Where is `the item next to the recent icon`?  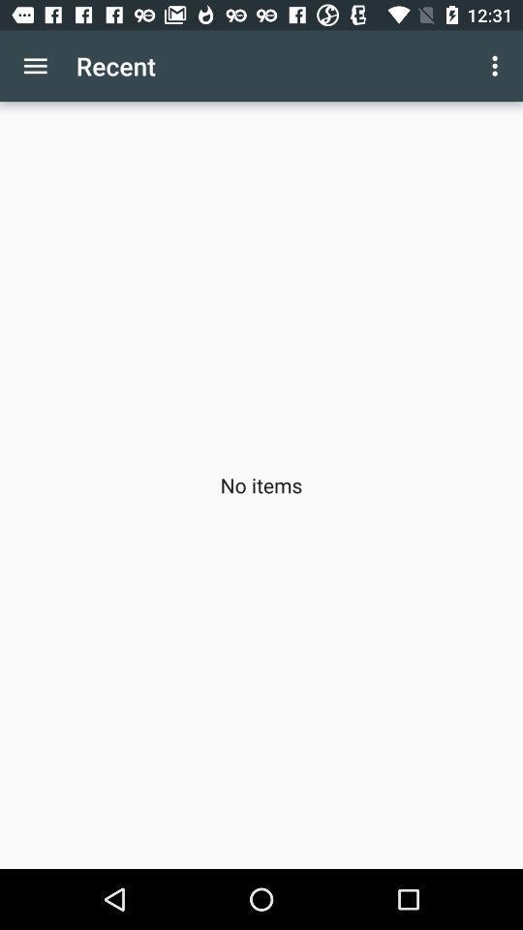 the item next to the recent icon is located at coordinates (35, 66).